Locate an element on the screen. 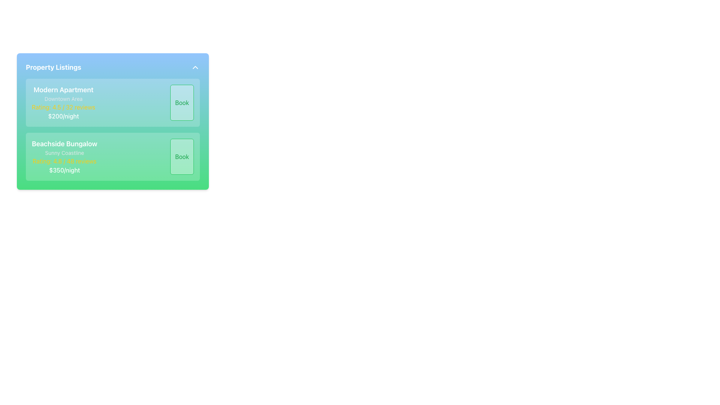  the text label 'Beachside Bungalow' which is displayed in a large, bold font with white color on a green background, located at the top of its property listing card is located at coordinates (64, 144).